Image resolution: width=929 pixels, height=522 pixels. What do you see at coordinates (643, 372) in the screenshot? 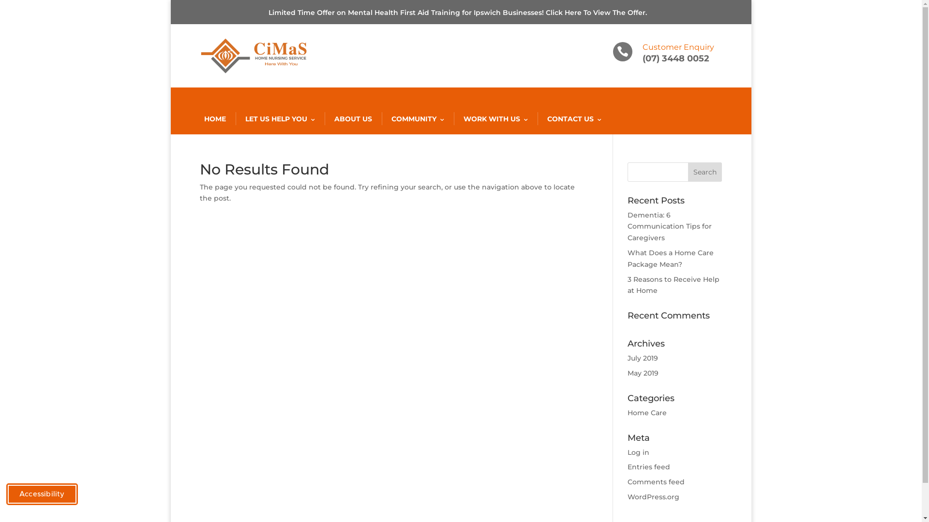
I see `'May 2019'` at bounding box center [643, 372].